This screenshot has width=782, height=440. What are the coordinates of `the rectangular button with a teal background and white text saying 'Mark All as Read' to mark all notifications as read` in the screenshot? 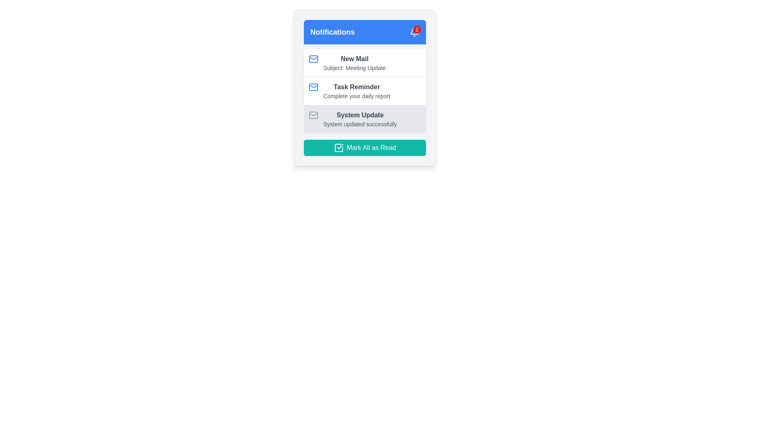 It's located at (365, 147).